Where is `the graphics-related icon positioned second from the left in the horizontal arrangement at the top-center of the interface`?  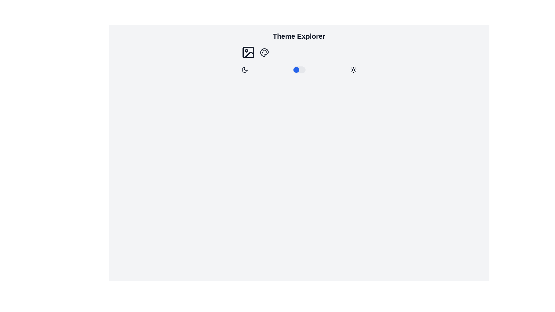
the graphics-related icon positioned second from the left in the horizontal arrangement at the top-center of the interface is located at coordinates (264, 52).